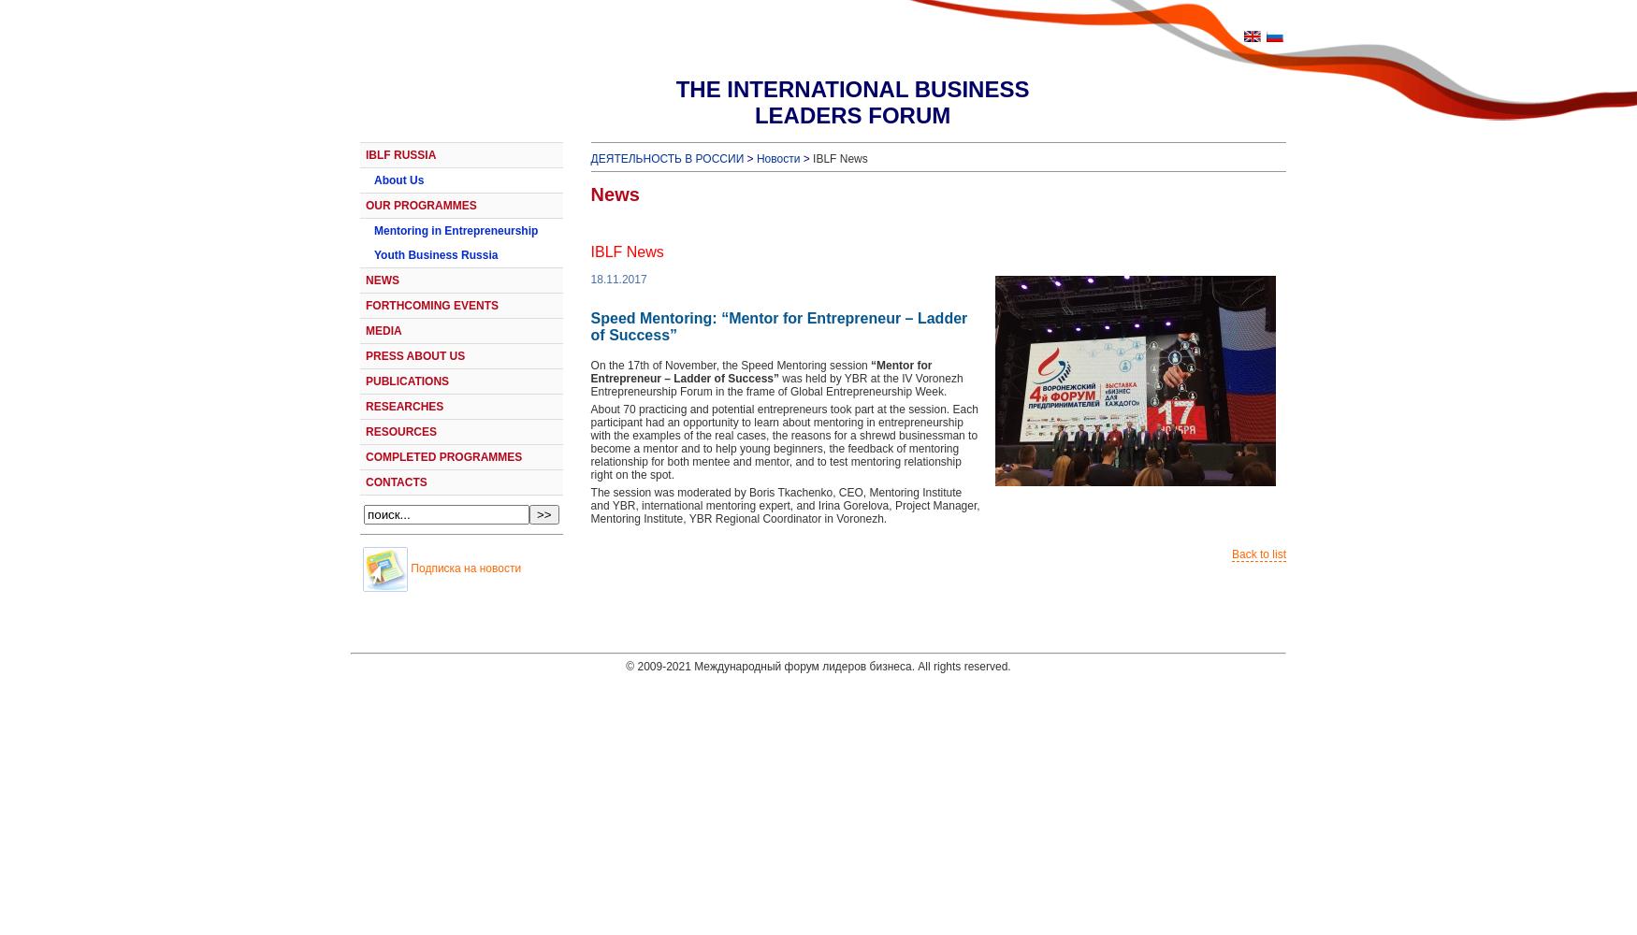  What do you see at coordinates (398, 180) in the screenshot?
I see `'About Us'` at bounding box center [398, 180].